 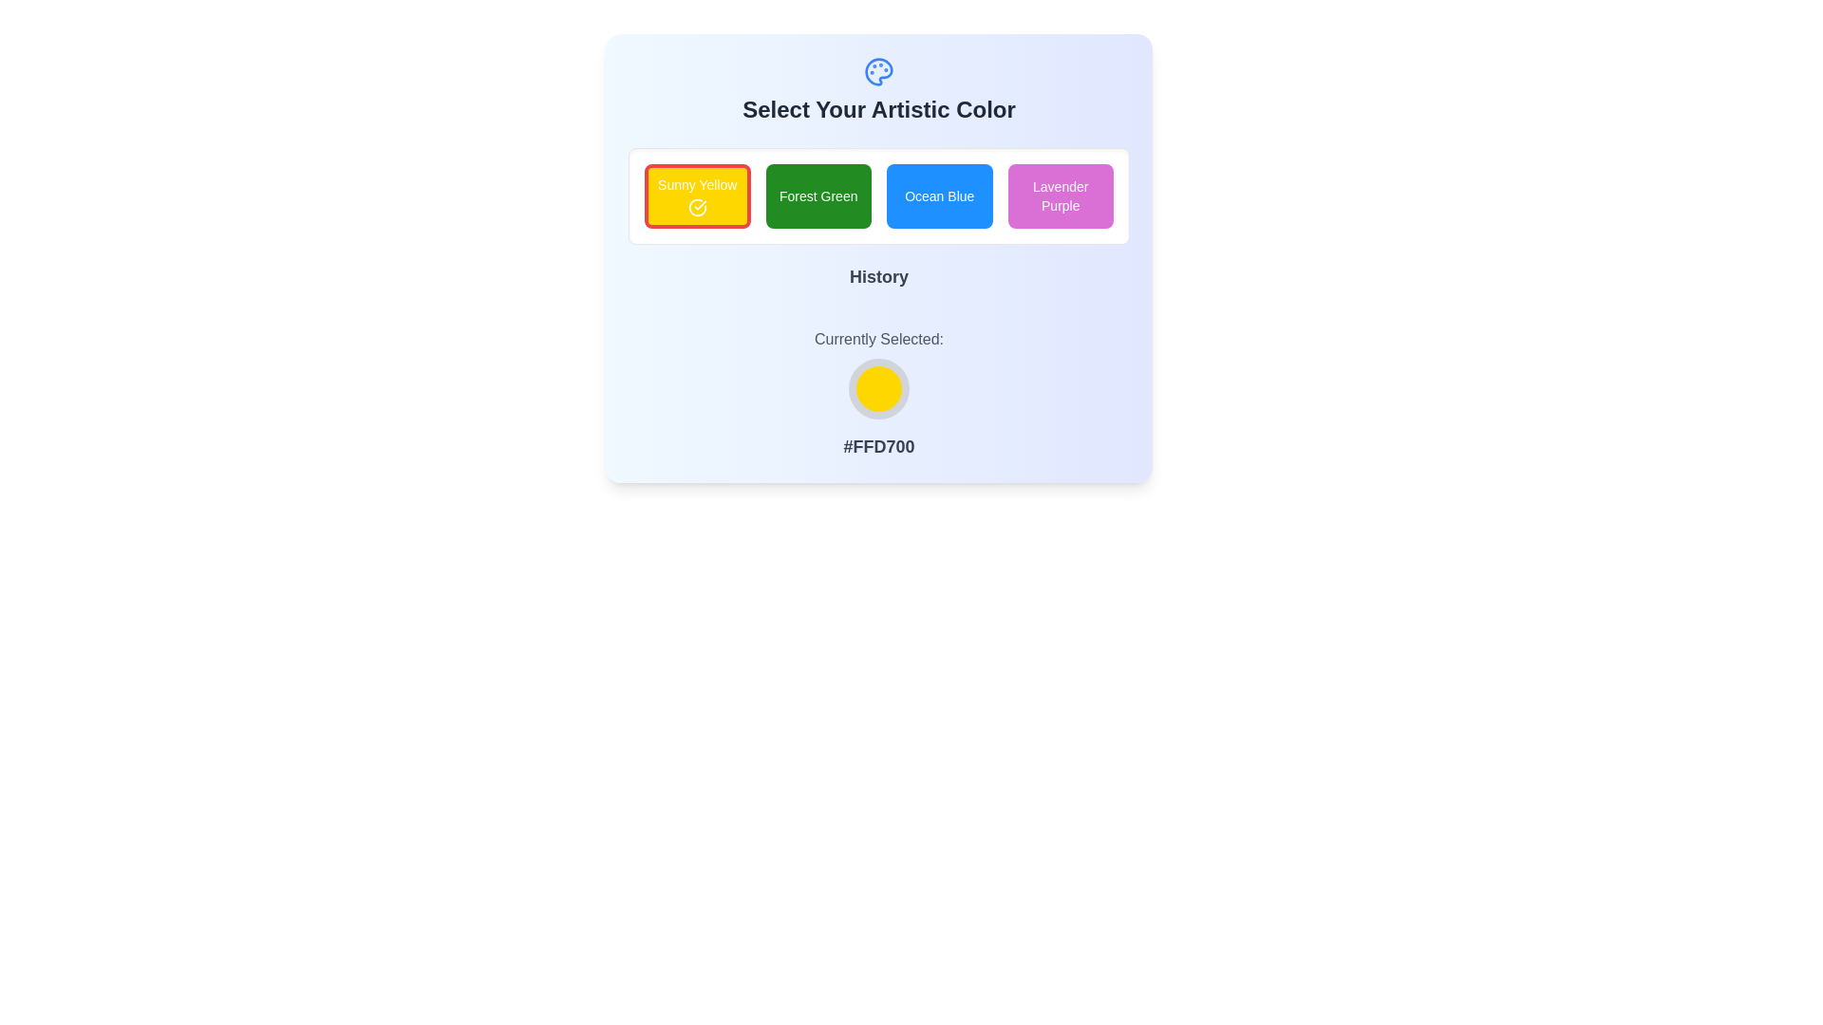 What do you see at coordinates (878, 339) in the screenshot?
I see `text label that indicates the purpose of the color display below it, which is centered horizontally above the circular color indicator` at bounding box center [878, 339].